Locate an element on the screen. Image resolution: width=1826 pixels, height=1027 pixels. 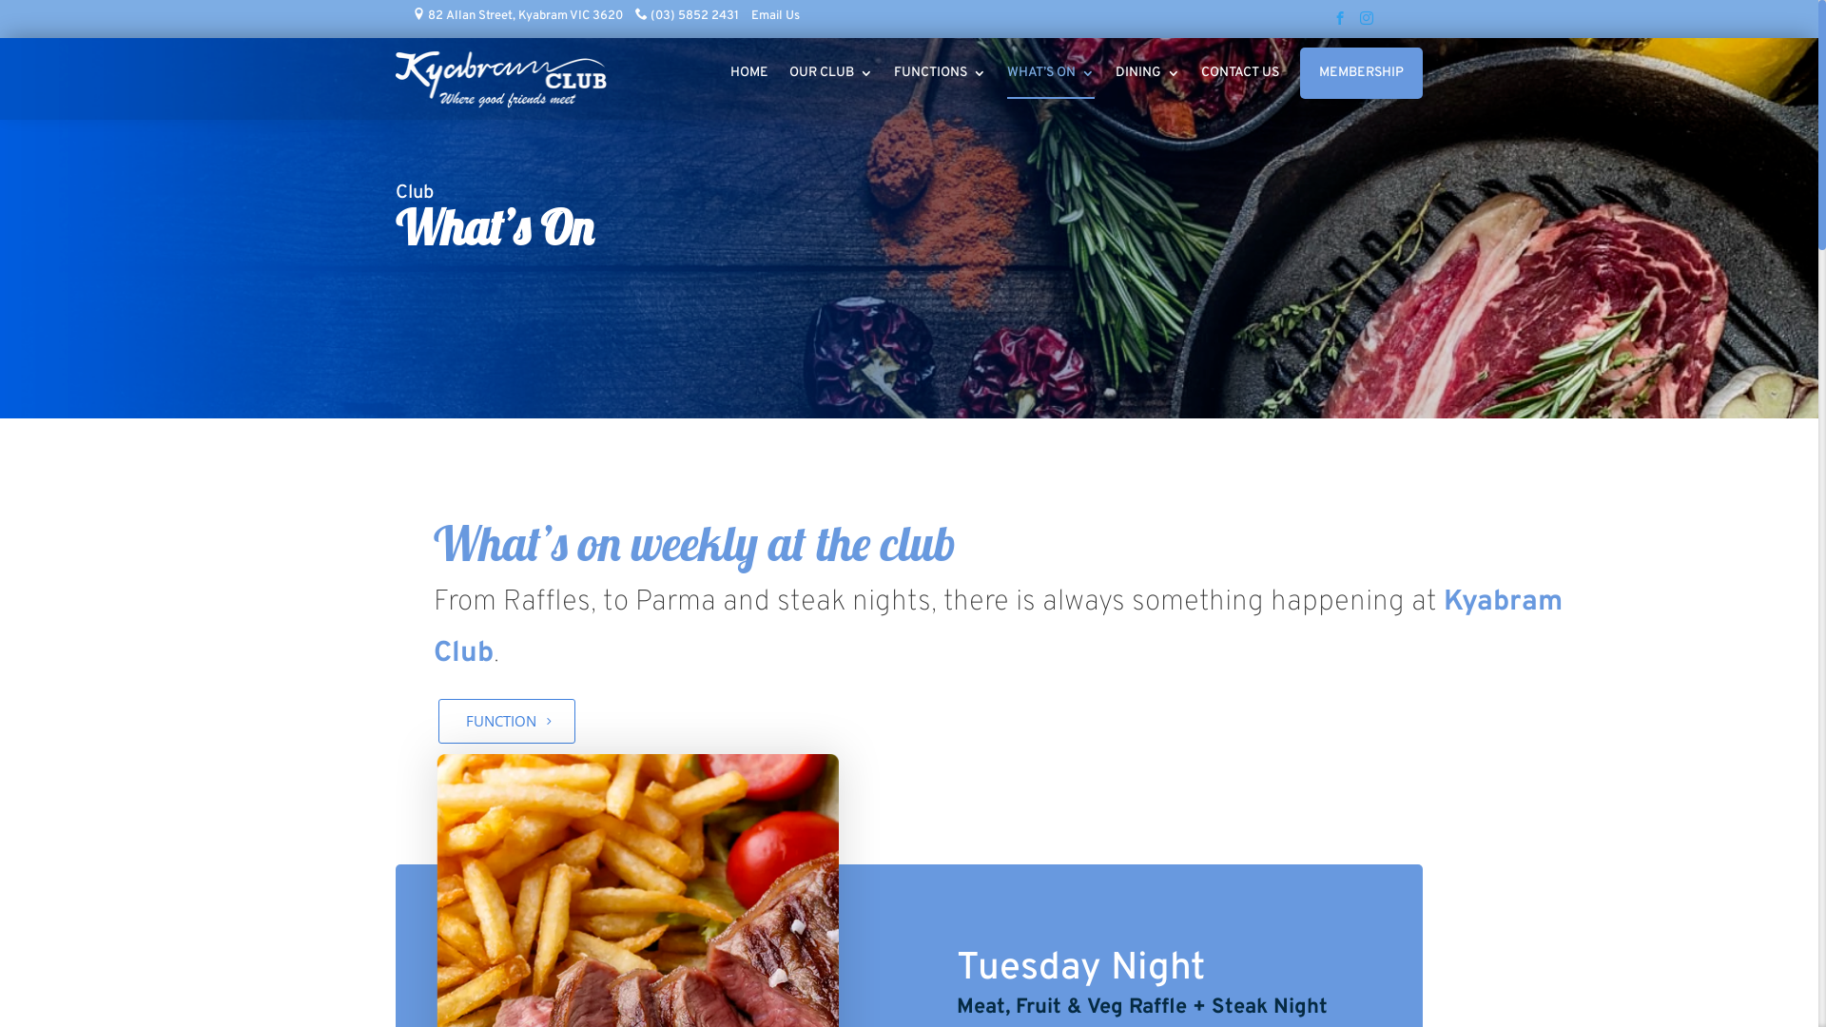
'OUR CLUB' is located at coordinates (830, 82).